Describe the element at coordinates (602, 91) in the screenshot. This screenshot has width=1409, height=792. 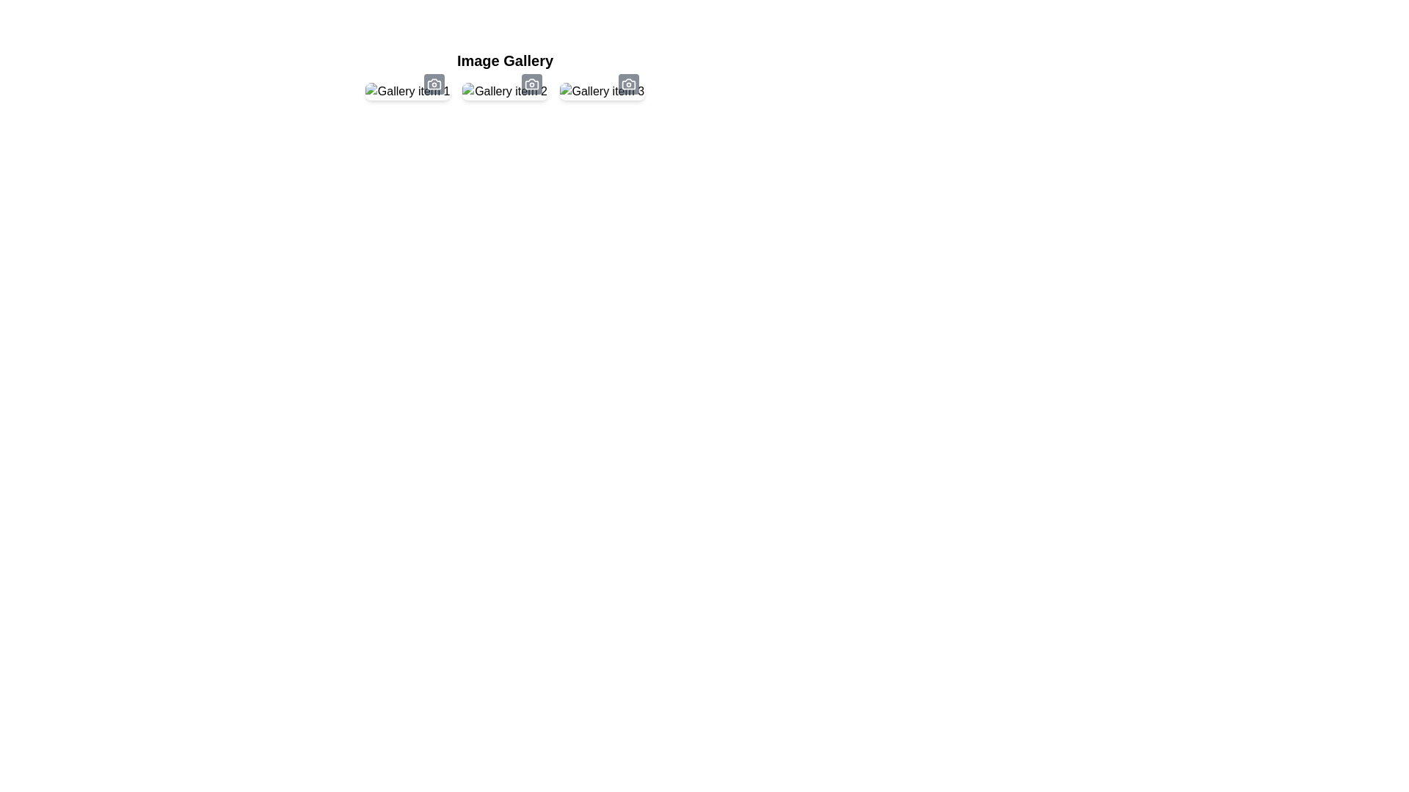
I see `the third image in the gallery grid` at that location.